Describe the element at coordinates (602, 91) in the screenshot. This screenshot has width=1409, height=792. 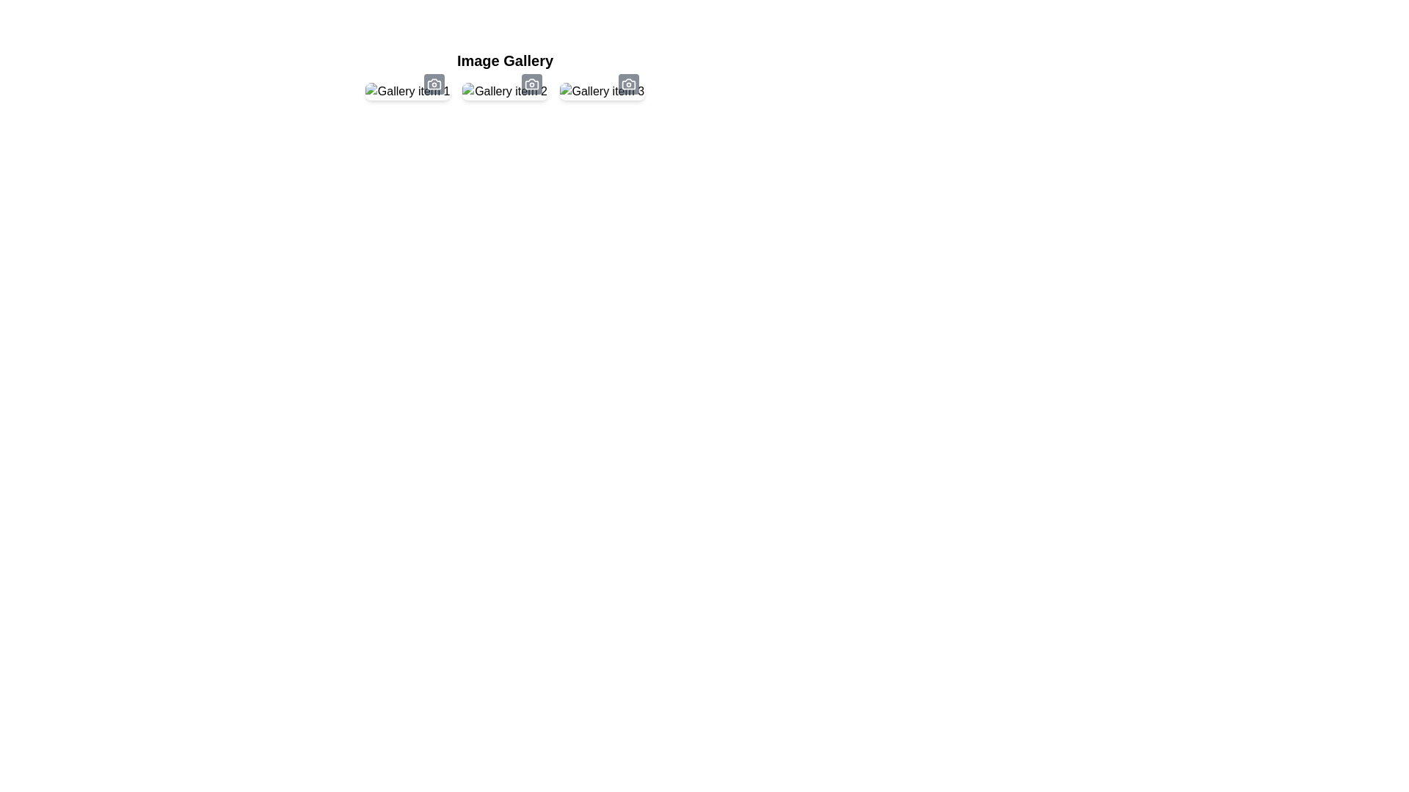
I see `the third image in the gallery grid` at that location.